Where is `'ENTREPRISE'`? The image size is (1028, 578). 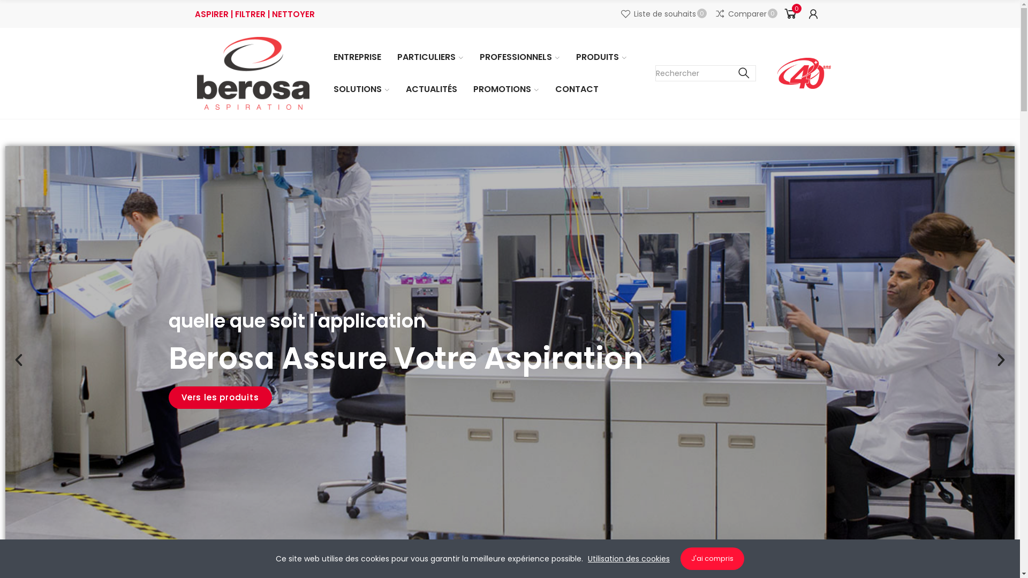 'ENTREPRISE' is located at coordinates (357, 57).